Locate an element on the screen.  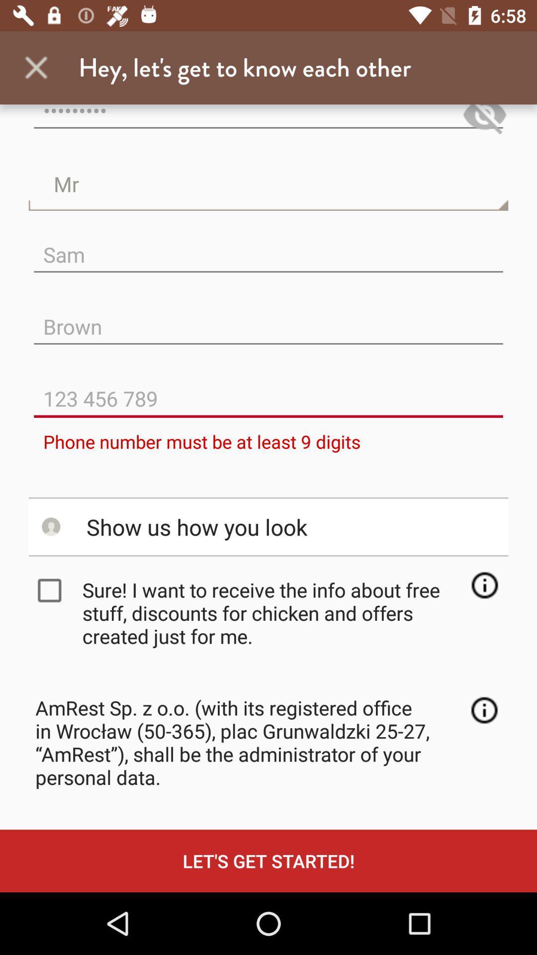
info button is located at coordinates (484, 585).